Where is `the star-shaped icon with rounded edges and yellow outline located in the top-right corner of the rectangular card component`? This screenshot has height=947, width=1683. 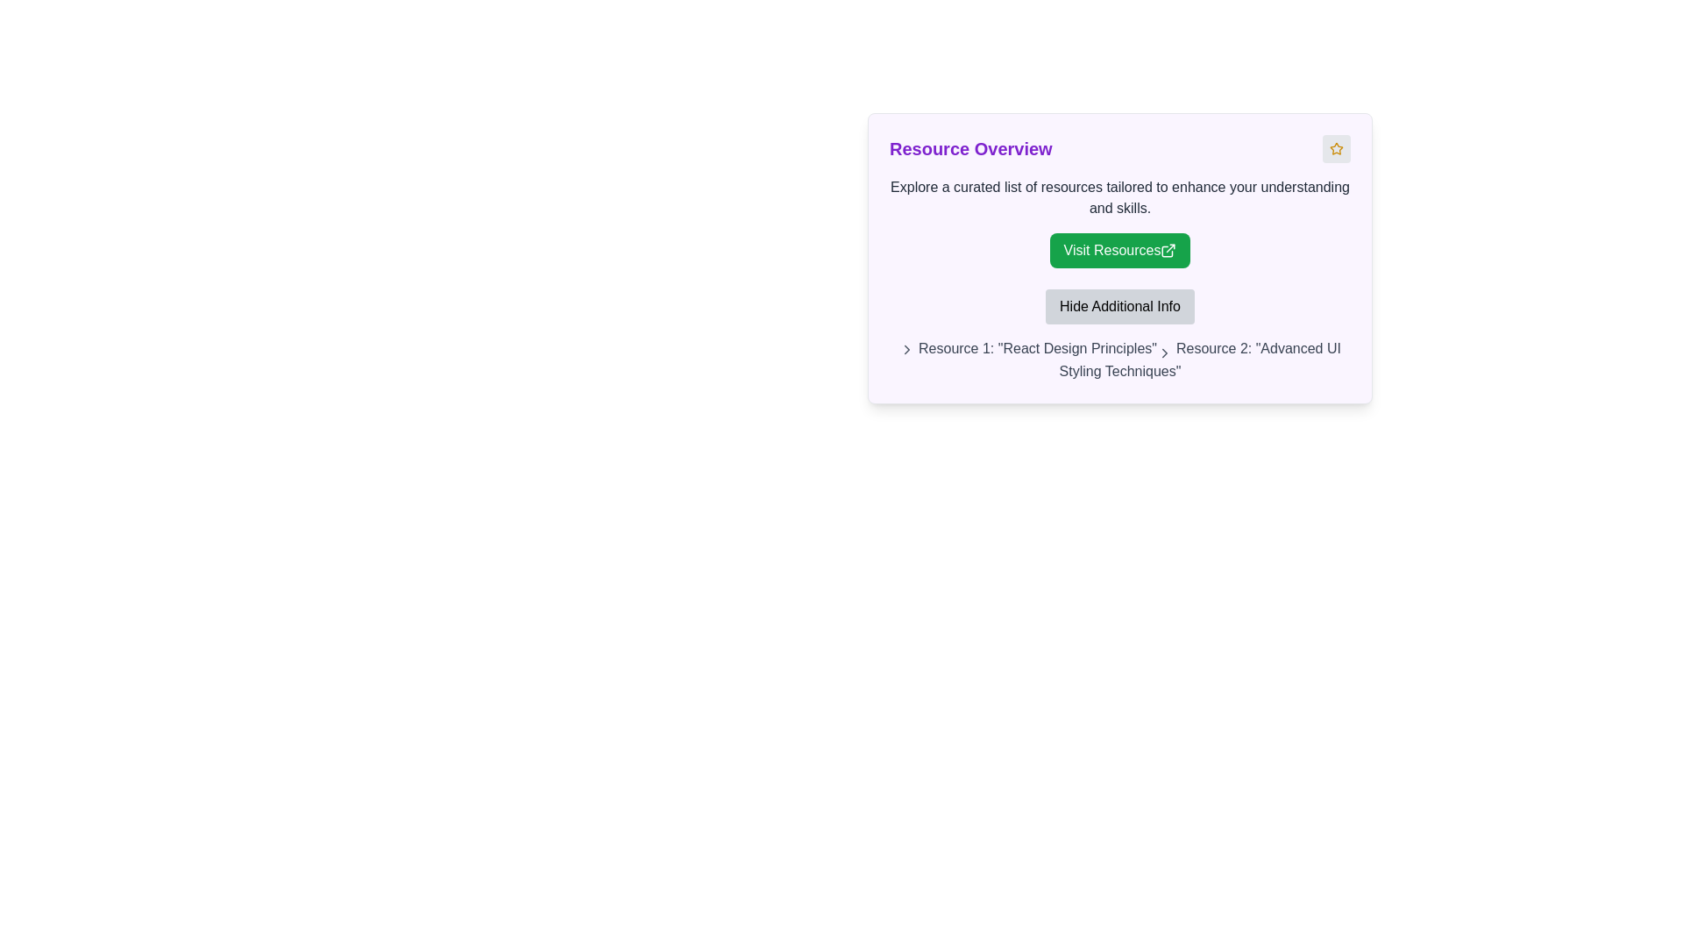 the star-shaped icon with rounded edges and yellow outline located in the top-right corner of the rectangular card component is located at coordinates (1336, 147).